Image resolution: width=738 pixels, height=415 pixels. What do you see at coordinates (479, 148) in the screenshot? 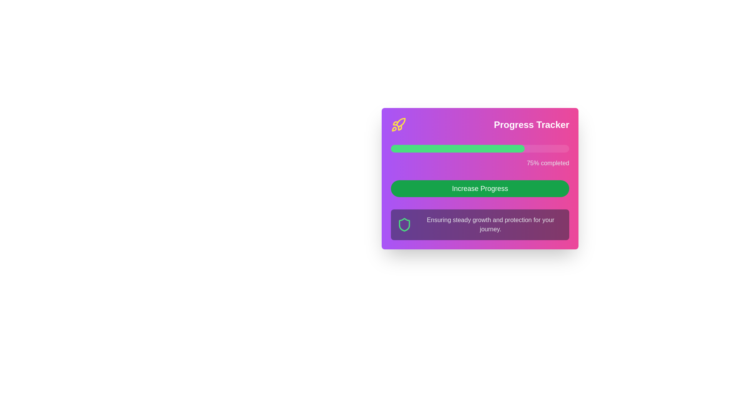
I see `the progress bar indicating 75% completion located in the 'Progress Tracker' card, positioned above the 'Increase Progress' button` at bounding box center [479, 148].